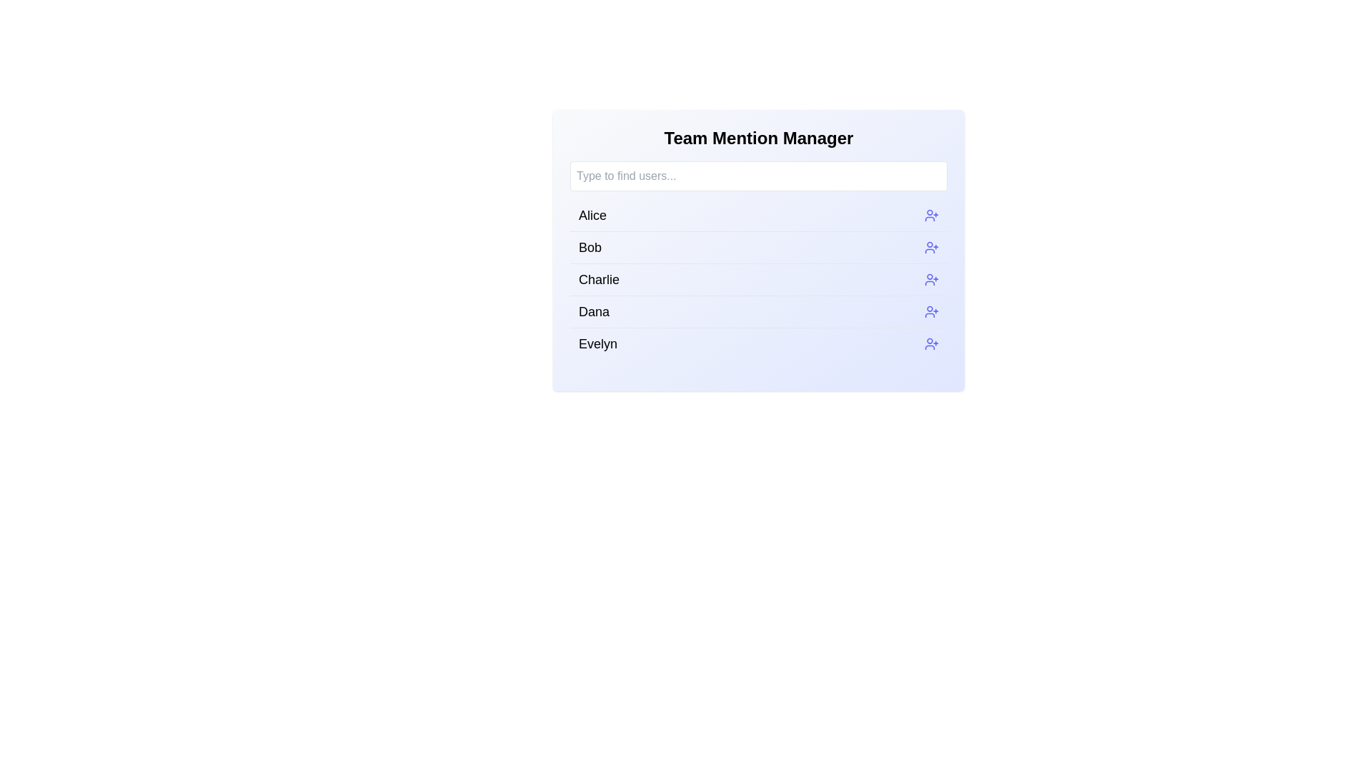 Image resolution: width=1372 pixels, height=771 pixels. Describe the element at coordinates (932, 344) in the screenshot. I see `the blue user icon with a plus sign located at the far right of the row labeled 'Evelyn'` at that location.